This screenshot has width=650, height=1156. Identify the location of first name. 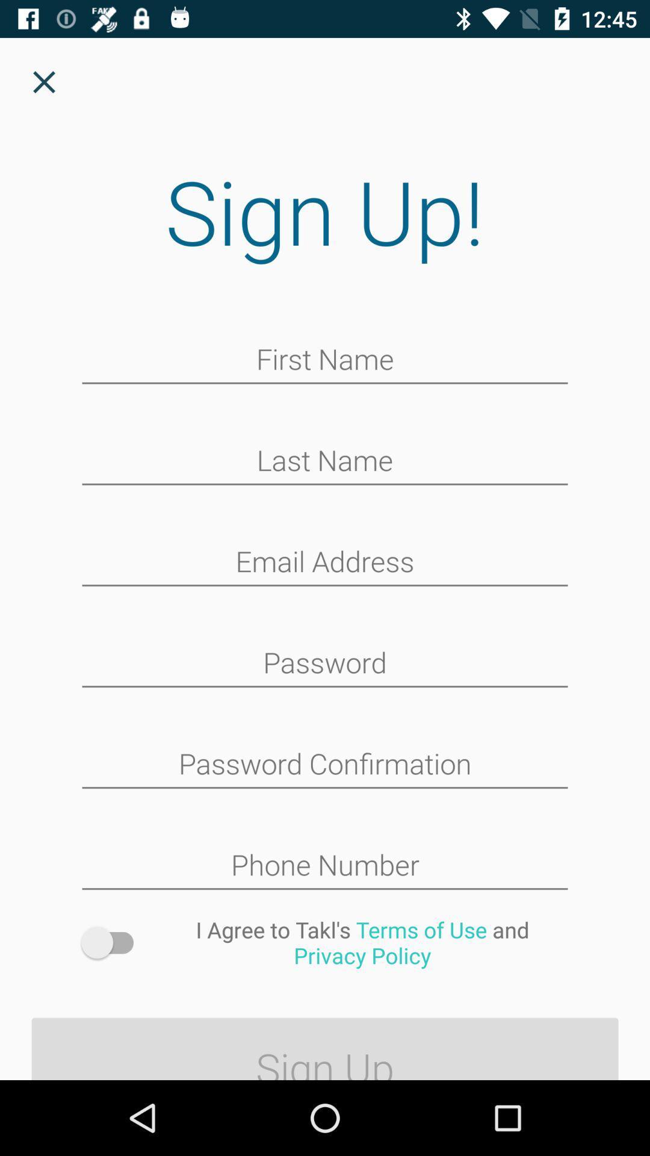
(325, 360).